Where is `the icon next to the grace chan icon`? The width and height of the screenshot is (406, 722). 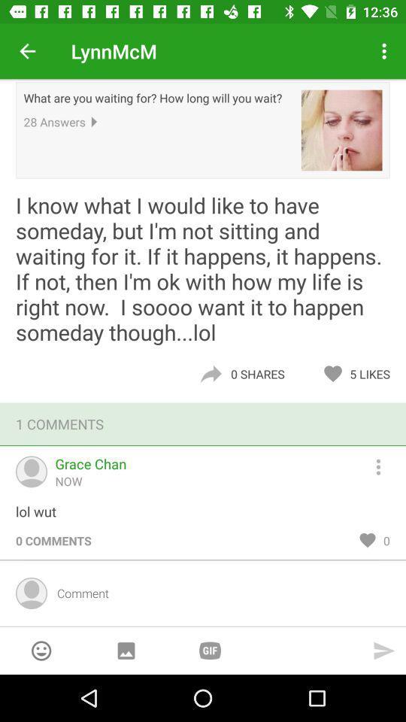 the icon next to the grace chan icon is located at coordinates (385, 464).